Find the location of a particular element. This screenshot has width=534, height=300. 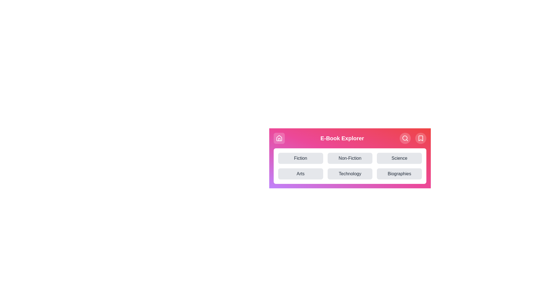

the home button to toggle the menu visibility is located at coordinates (279, 138).